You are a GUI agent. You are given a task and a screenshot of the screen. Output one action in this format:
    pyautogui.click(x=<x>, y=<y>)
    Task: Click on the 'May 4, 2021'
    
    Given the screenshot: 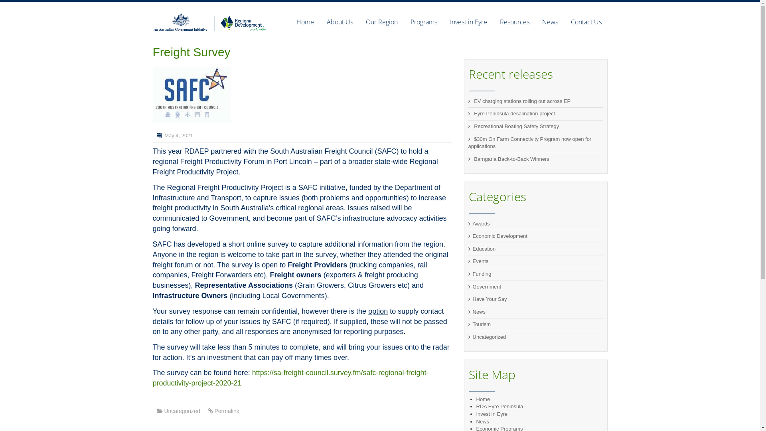 What is the action you would take?
    pyautogui.click(x=178, y=135)
    